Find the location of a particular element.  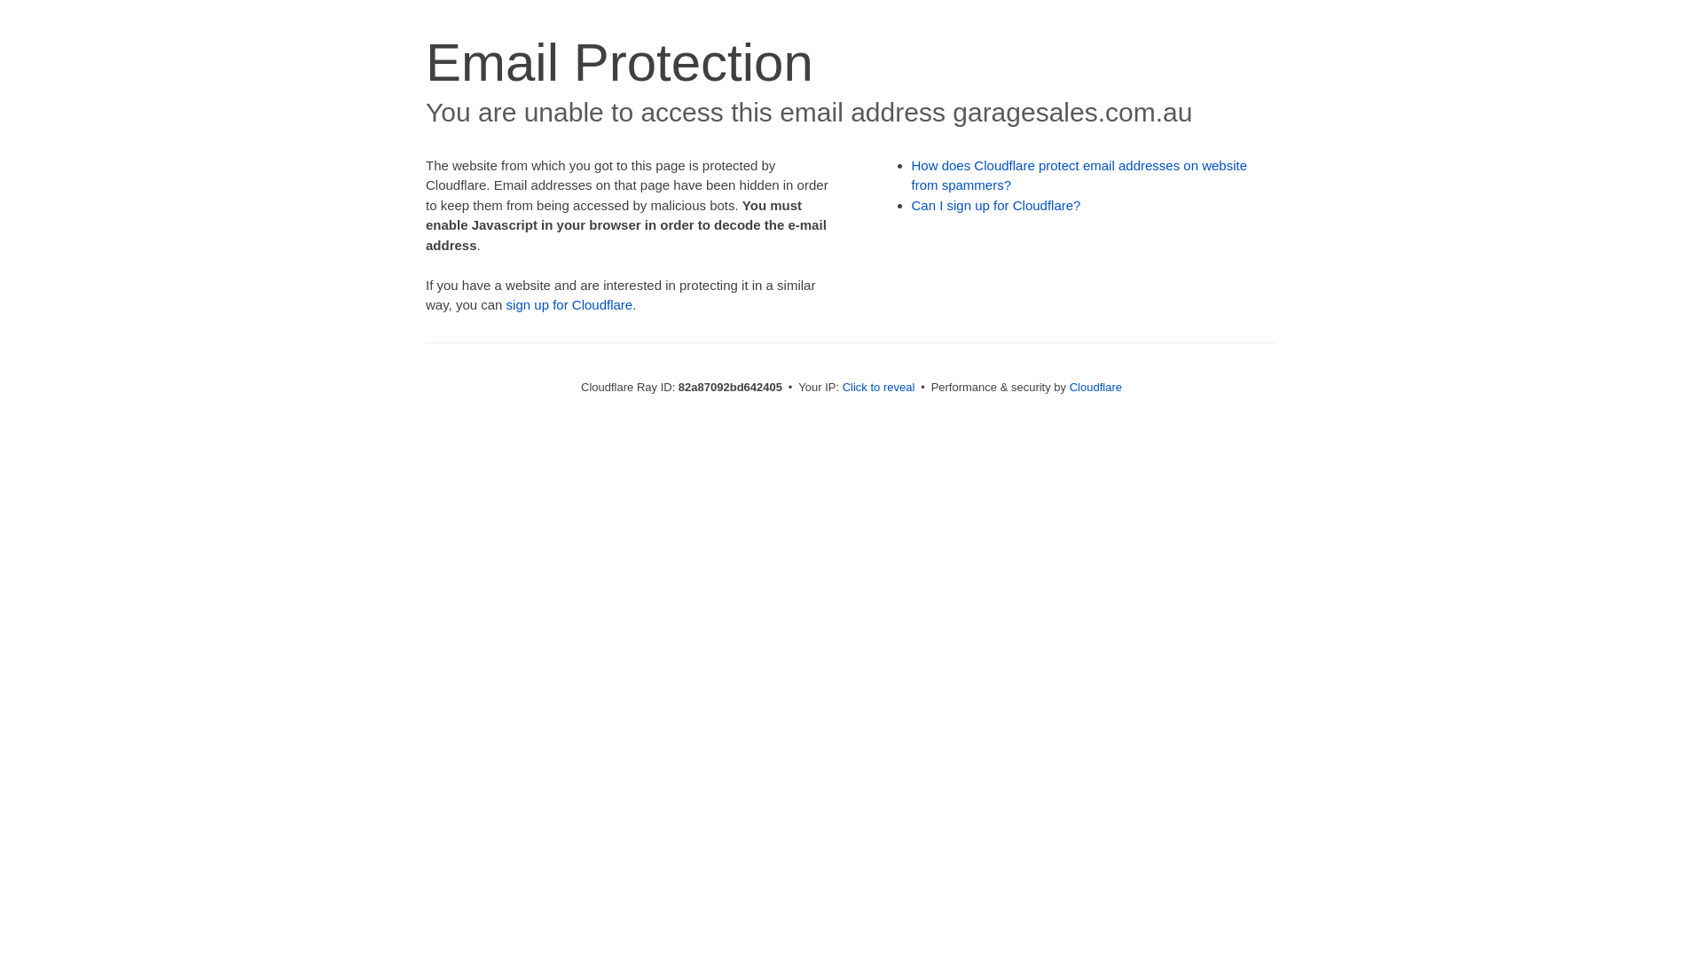

'sign up for Cloudflare' is located at coordinates (569, 303).